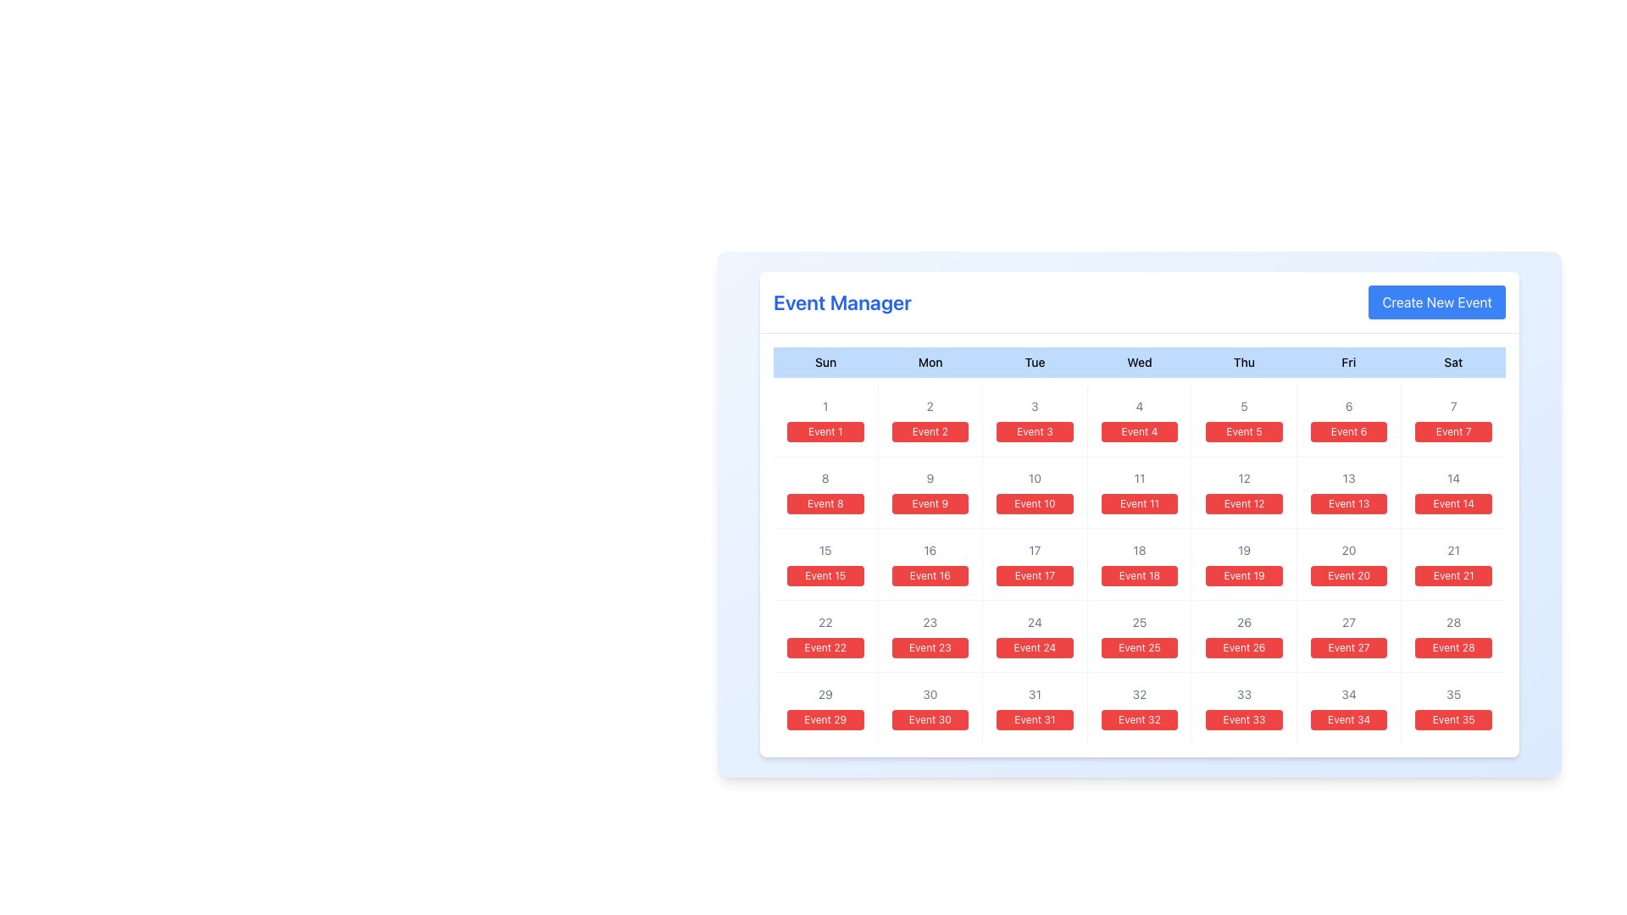  Describe the element at coordinates (1244, 551) in the screenshot. I see `the text label indicating the day of the month in the fifth column and third row of the calendar view, positioned above the 'Event 19' red button` at that location.